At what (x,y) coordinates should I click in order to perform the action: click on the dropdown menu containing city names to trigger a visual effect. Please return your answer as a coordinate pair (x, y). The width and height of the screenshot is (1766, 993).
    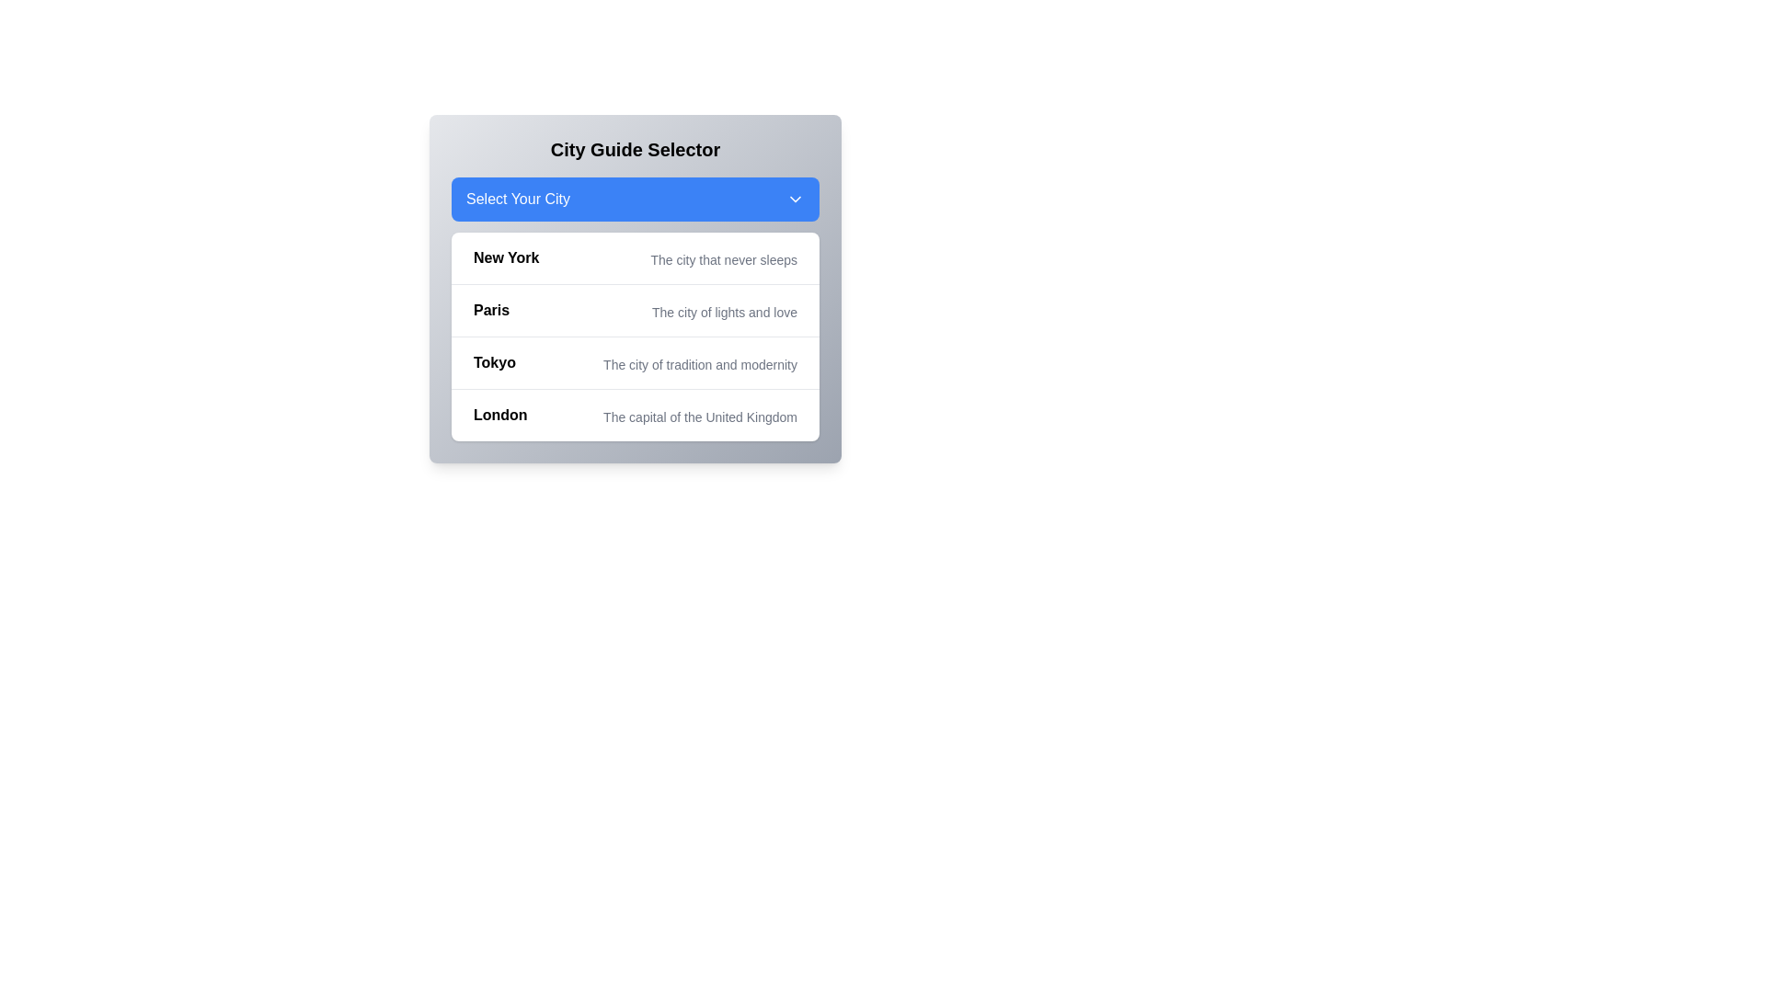
    Looking at the image, I should click on (636, 288).